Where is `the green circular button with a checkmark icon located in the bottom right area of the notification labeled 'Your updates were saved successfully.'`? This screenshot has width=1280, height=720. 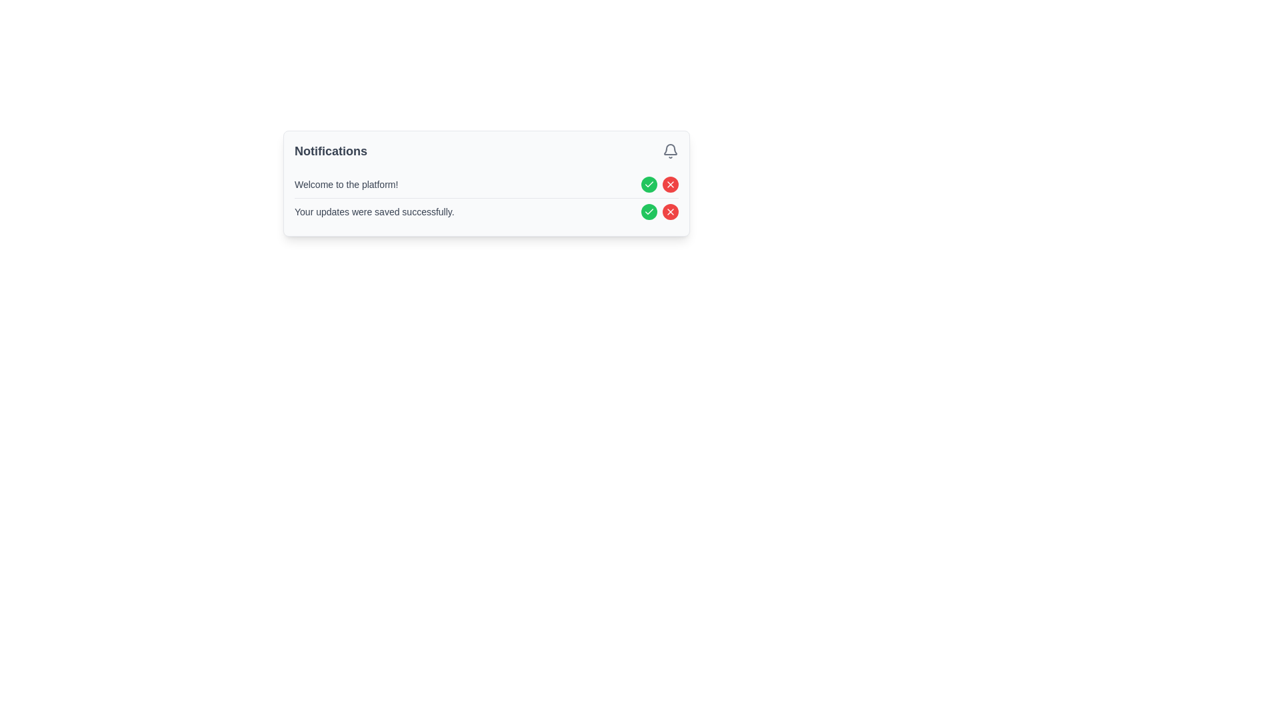 the green circular button with a checkmark icon located in the bottom right area of the notification labeled 'Your updates were saved successfully.' is located at coordinates (659, 211).